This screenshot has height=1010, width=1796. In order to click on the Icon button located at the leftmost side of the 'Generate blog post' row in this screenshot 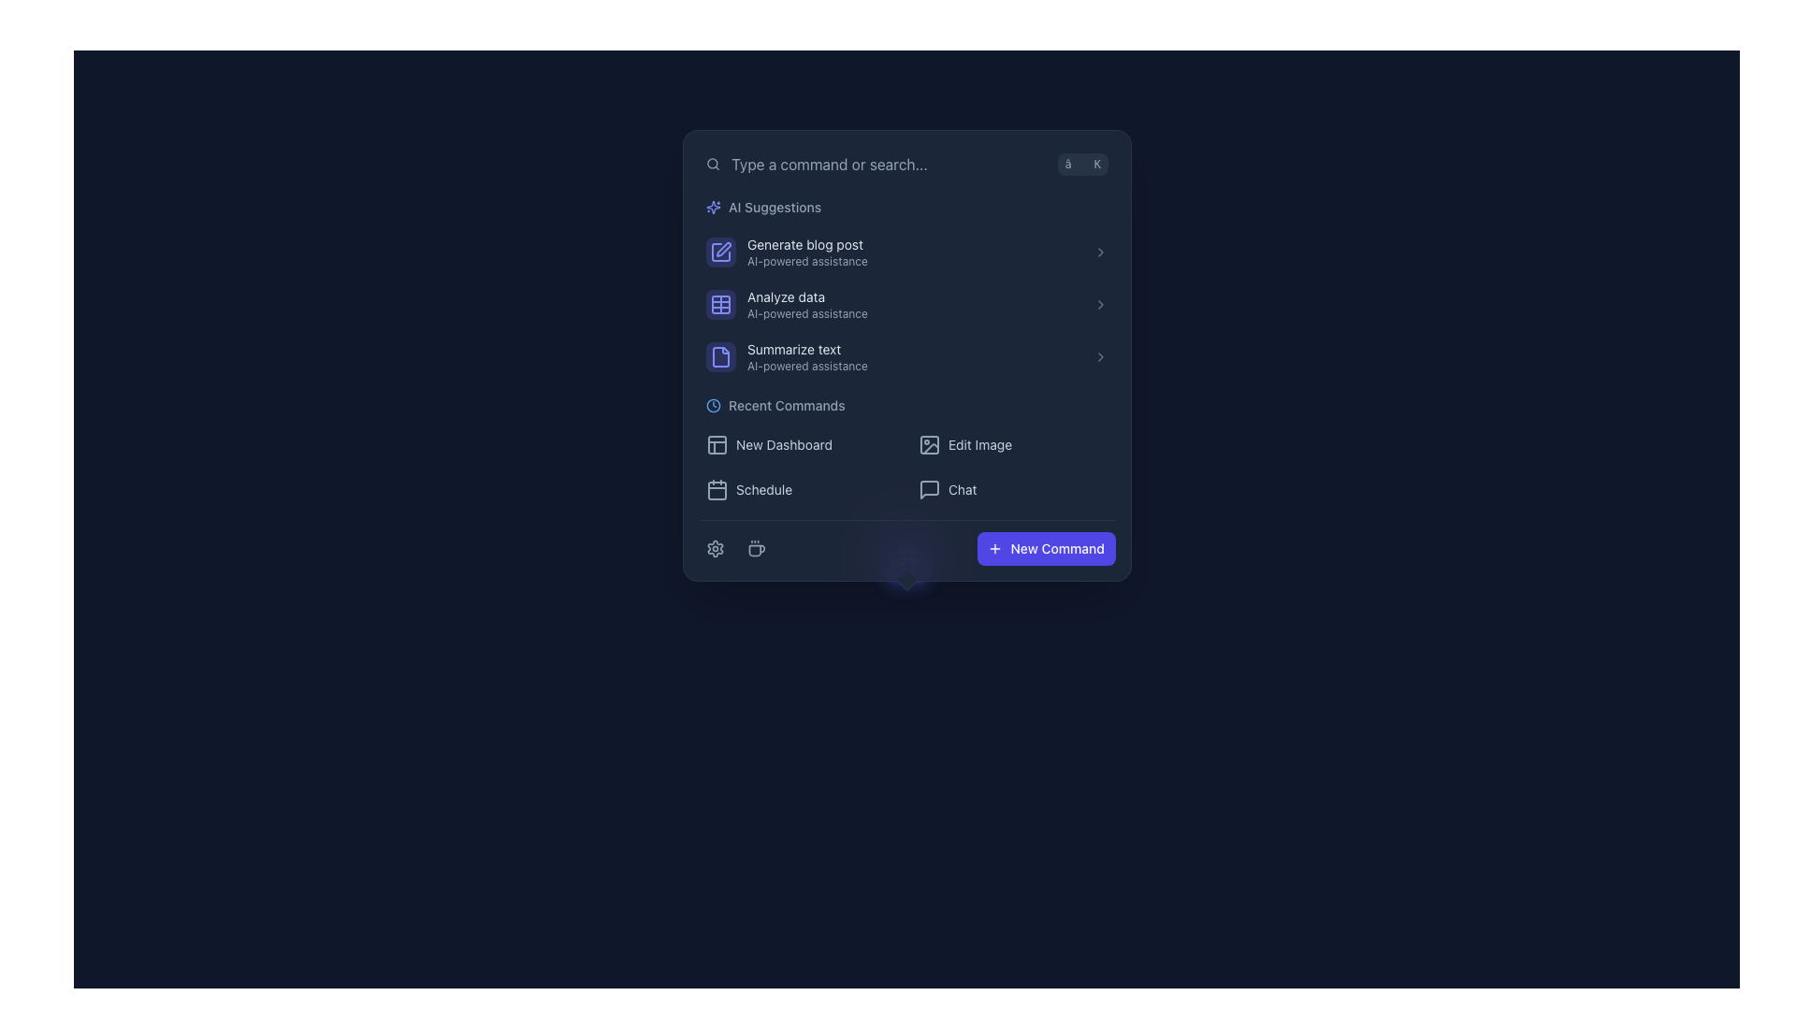, I will do `click(719, 252)`.